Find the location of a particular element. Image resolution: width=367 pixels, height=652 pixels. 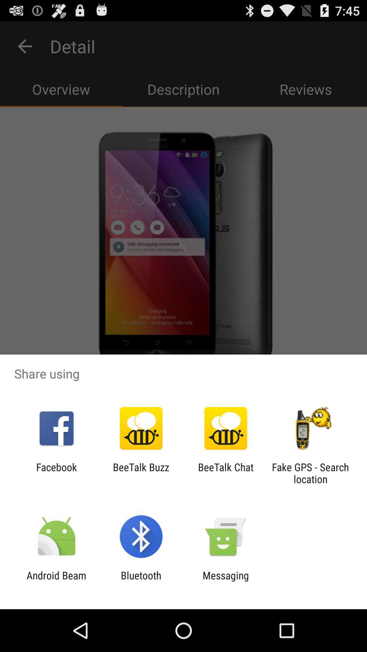

facebook icon is located at coordinates (56, 473).